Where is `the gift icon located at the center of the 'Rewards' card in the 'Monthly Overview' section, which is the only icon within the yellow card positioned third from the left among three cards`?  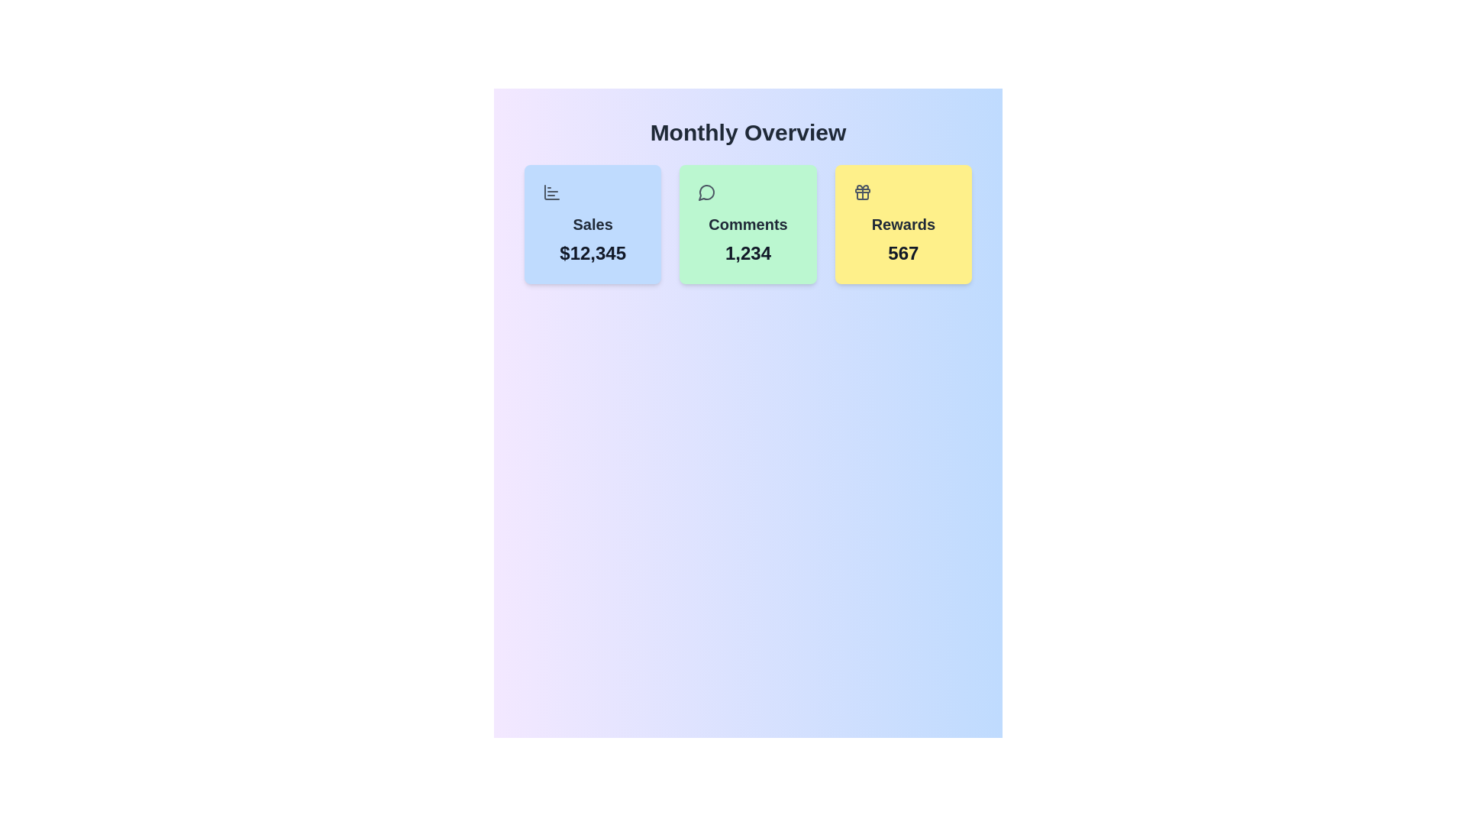 the gift icon located at the center of the 'Rewards' card in the 'Monthly Overview' section, which is the only icon within the yellow card positioned third from the left among three cards is located at coordinates (862, 191).